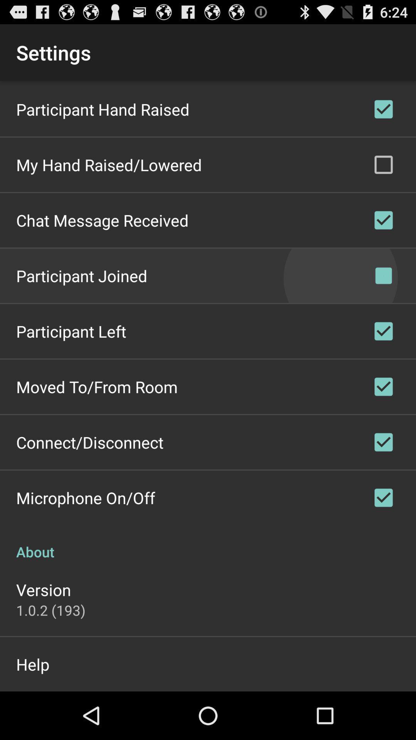 The image size is (416, 740). I want to click on the icon above about, so click(86, 498).